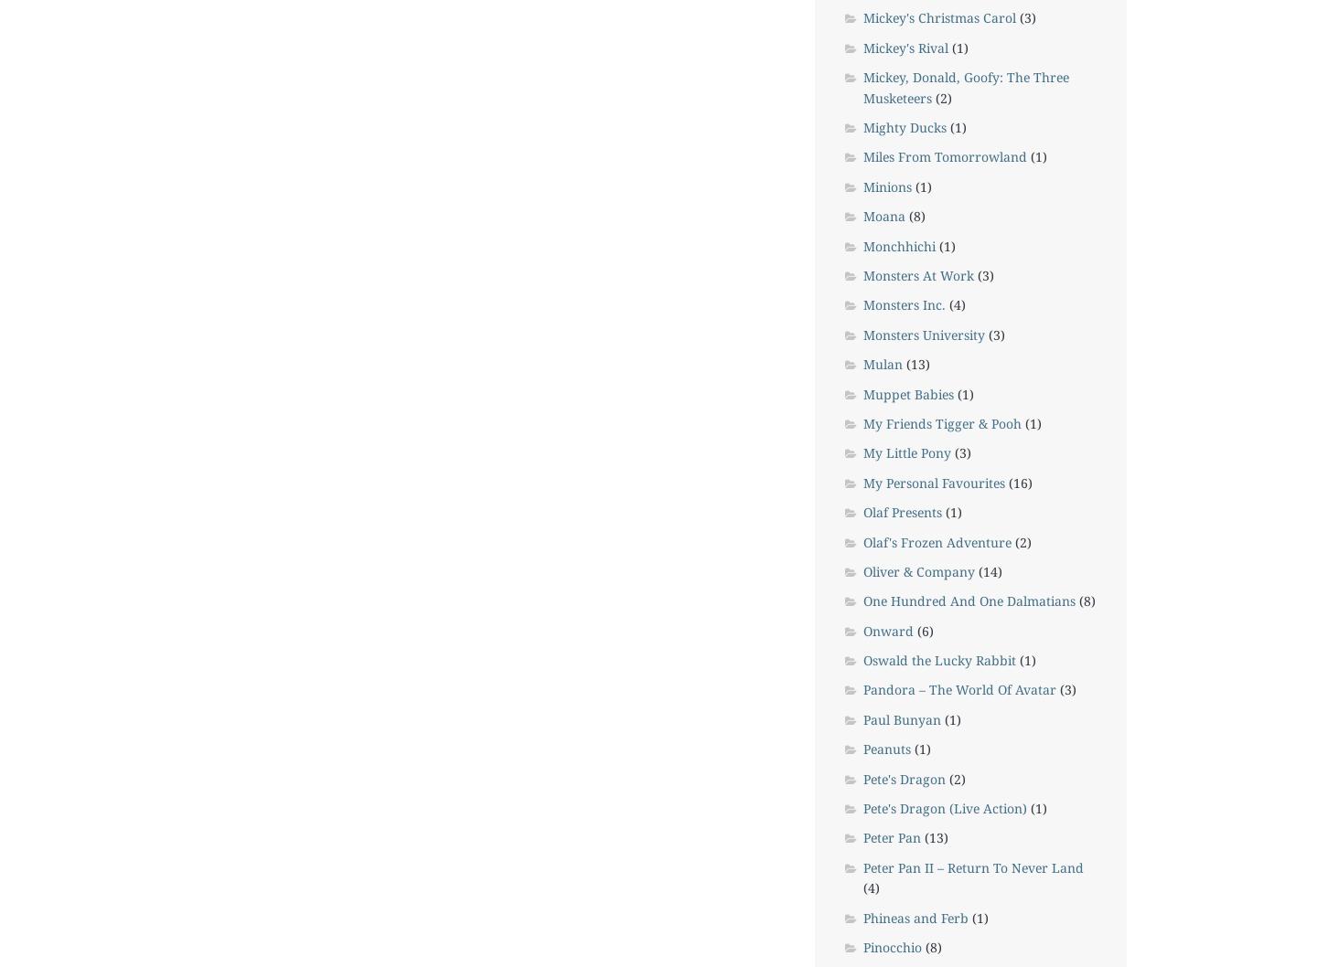 The image size is (1317, 967). Describe the element at coordinates (862, 481) in the screenshot. I see `'My Personal Favourites'` at that location.